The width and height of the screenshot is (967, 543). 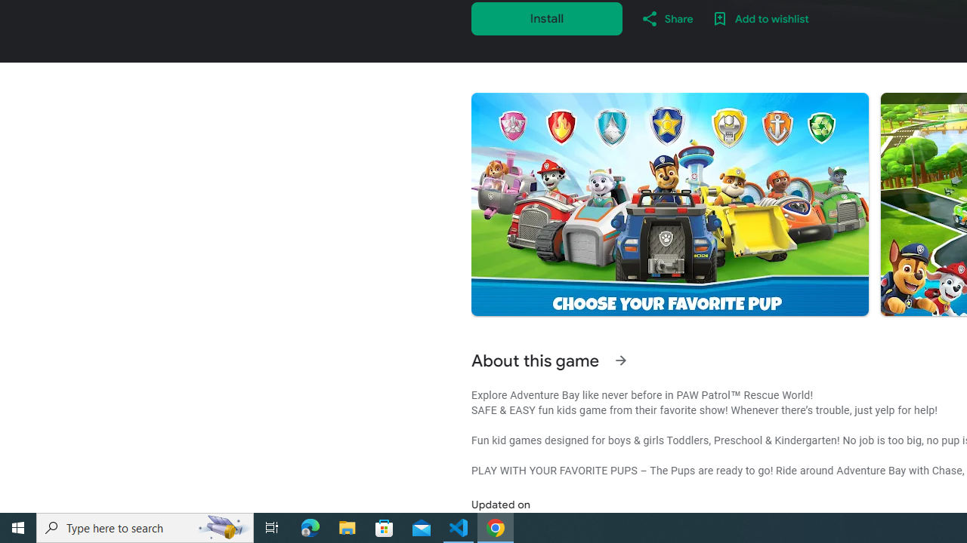 I want to click on 'Add to wishlist', so click(x=760, y=18).